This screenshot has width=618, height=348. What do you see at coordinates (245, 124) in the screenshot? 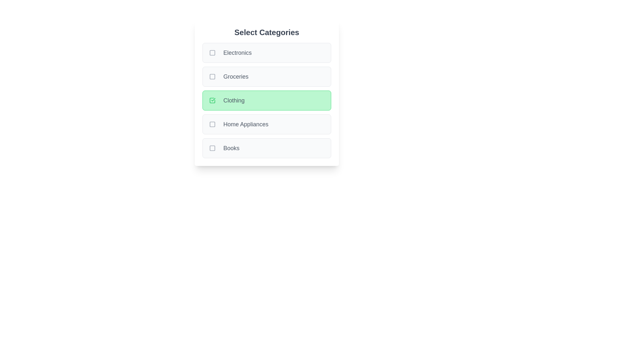
I see `the text label of the category Home Appliances to toggle its selection` at bounding box center [245, 124].